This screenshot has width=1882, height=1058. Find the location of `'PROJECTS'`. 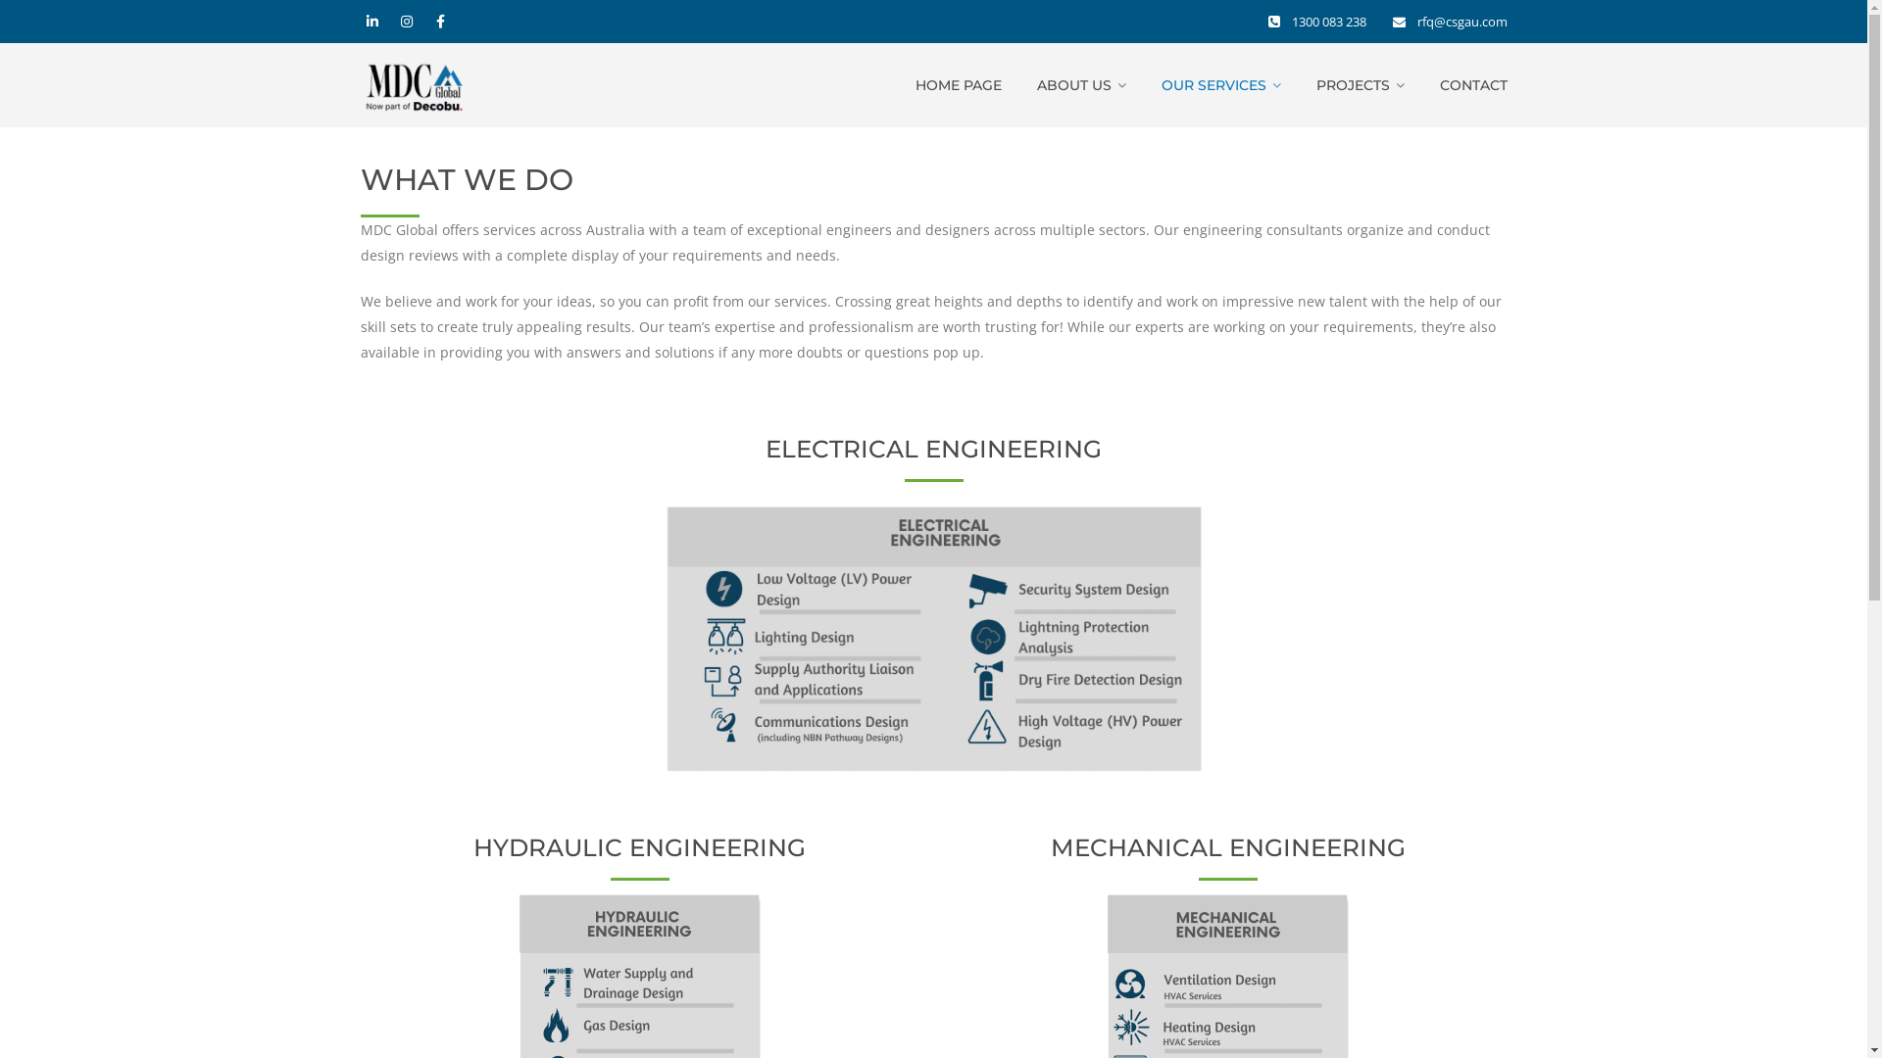

'PROJECTS' is located at coordinates (1315, 84).